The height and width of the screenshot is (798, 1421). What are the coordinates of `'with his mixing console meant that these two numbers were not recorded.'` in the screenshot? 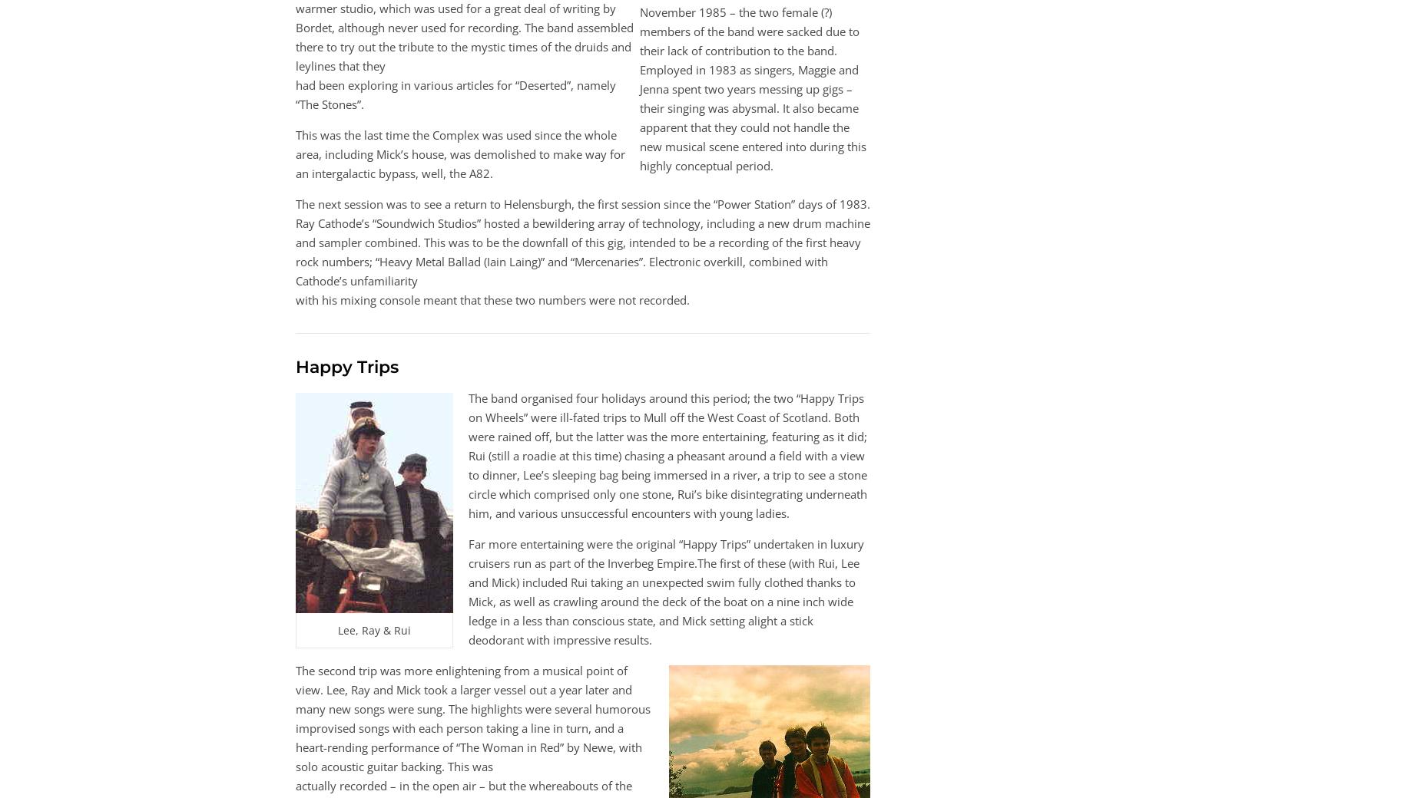 It's located at (492, 300).